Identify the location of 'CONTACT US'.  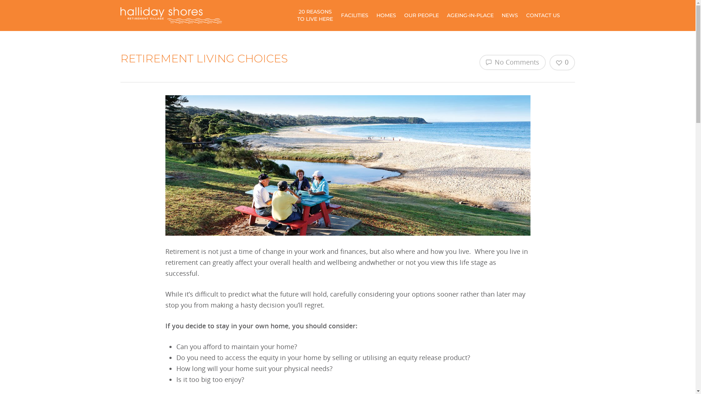
(543, 15).